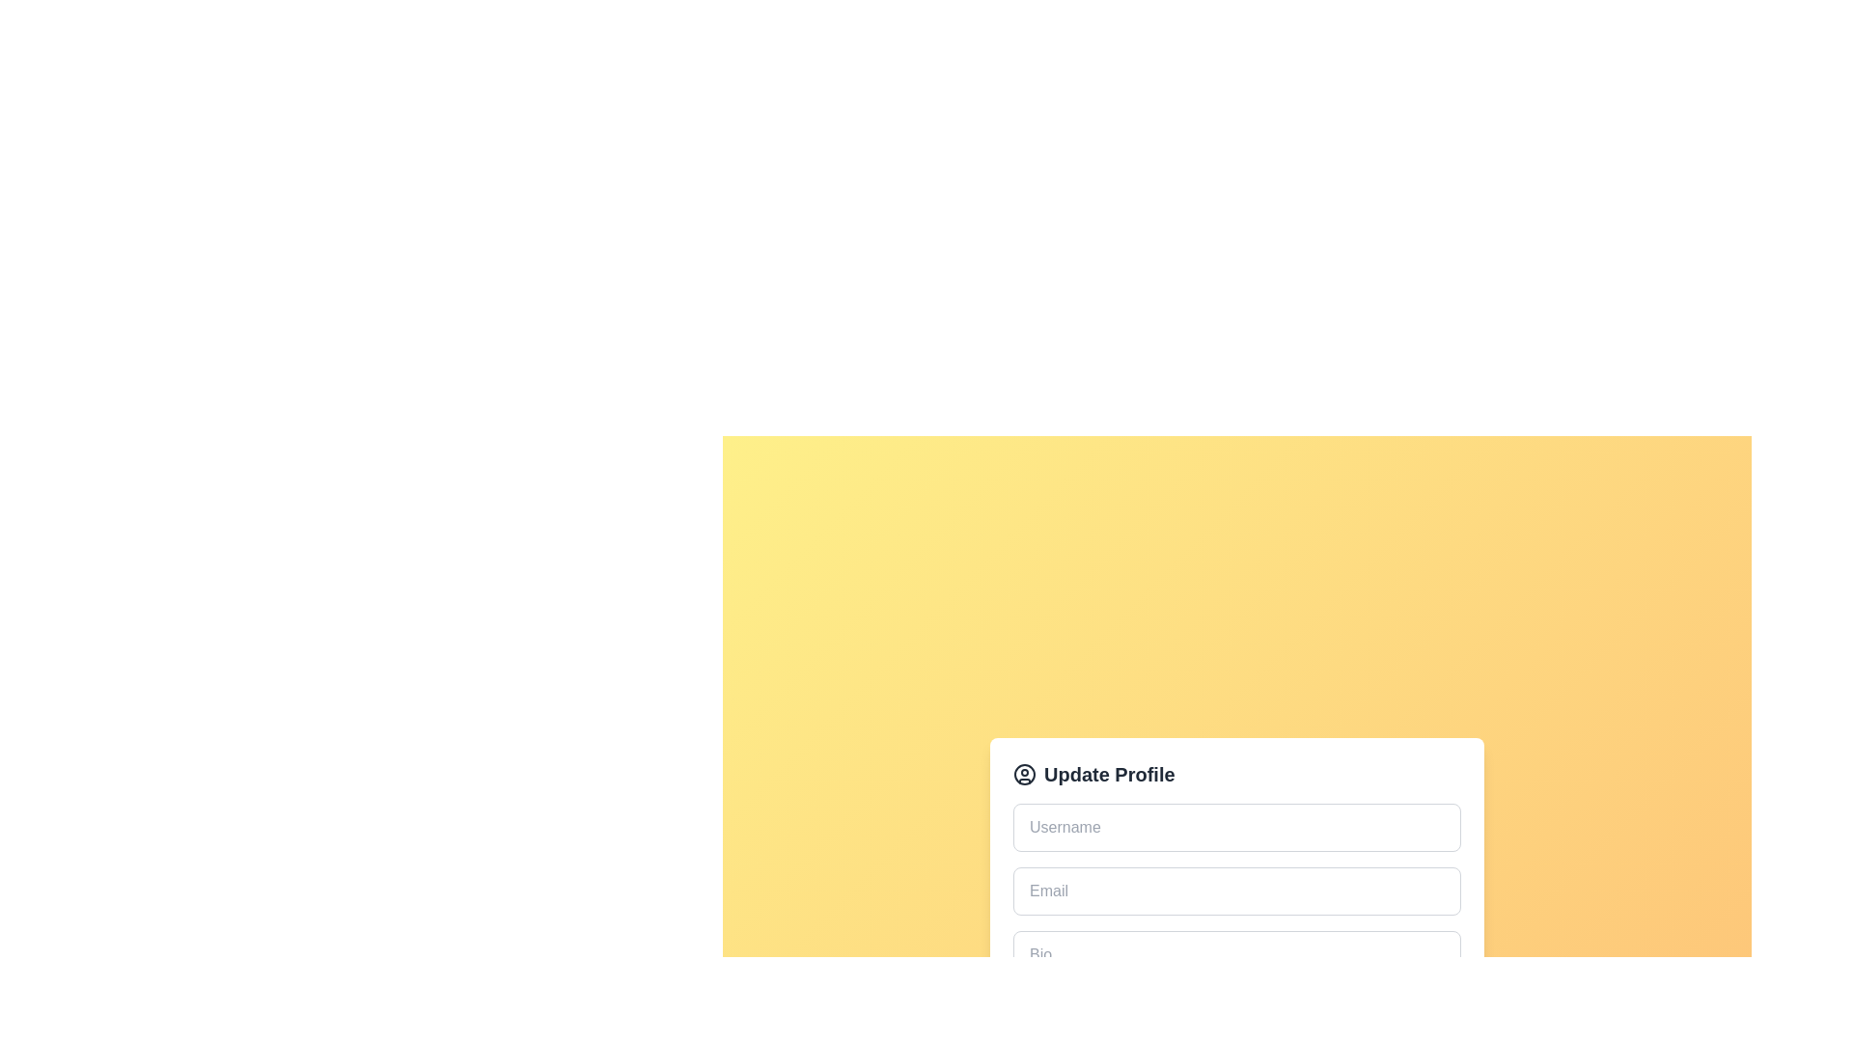  What do you see at coordinates (1023, 773) in the screenshot?
I see `the user profile icon associated with the 'Update Profile' section, which is located near the top of the context with a yellow gradient background` at bounding box center [1023, 773].